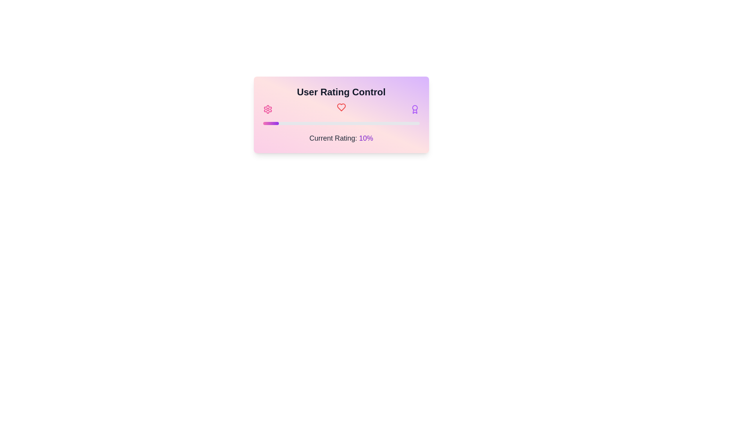 The height and width of the screenshot is (422, 751). I want to click on the heart-shaped icon with a red color fill, which is animated and positioned under the title 'User Rating Control', so click(341, 108).